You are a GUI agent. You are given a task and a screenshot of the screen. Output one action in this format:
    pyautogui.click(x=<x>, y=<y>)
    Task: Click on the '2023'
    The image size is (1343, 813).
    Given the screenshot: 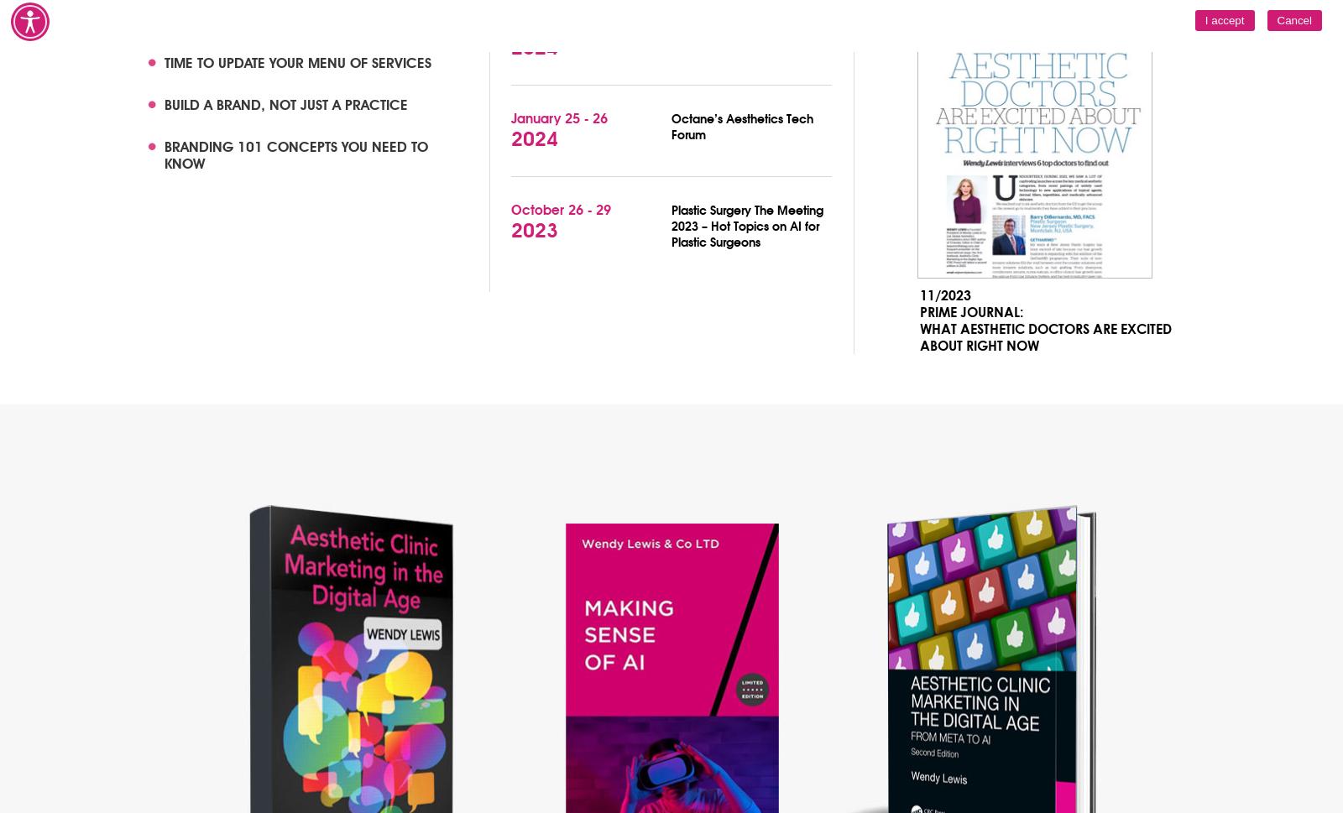 What is the action you would take?
    pyautogui.click(x=534, y=229)
    